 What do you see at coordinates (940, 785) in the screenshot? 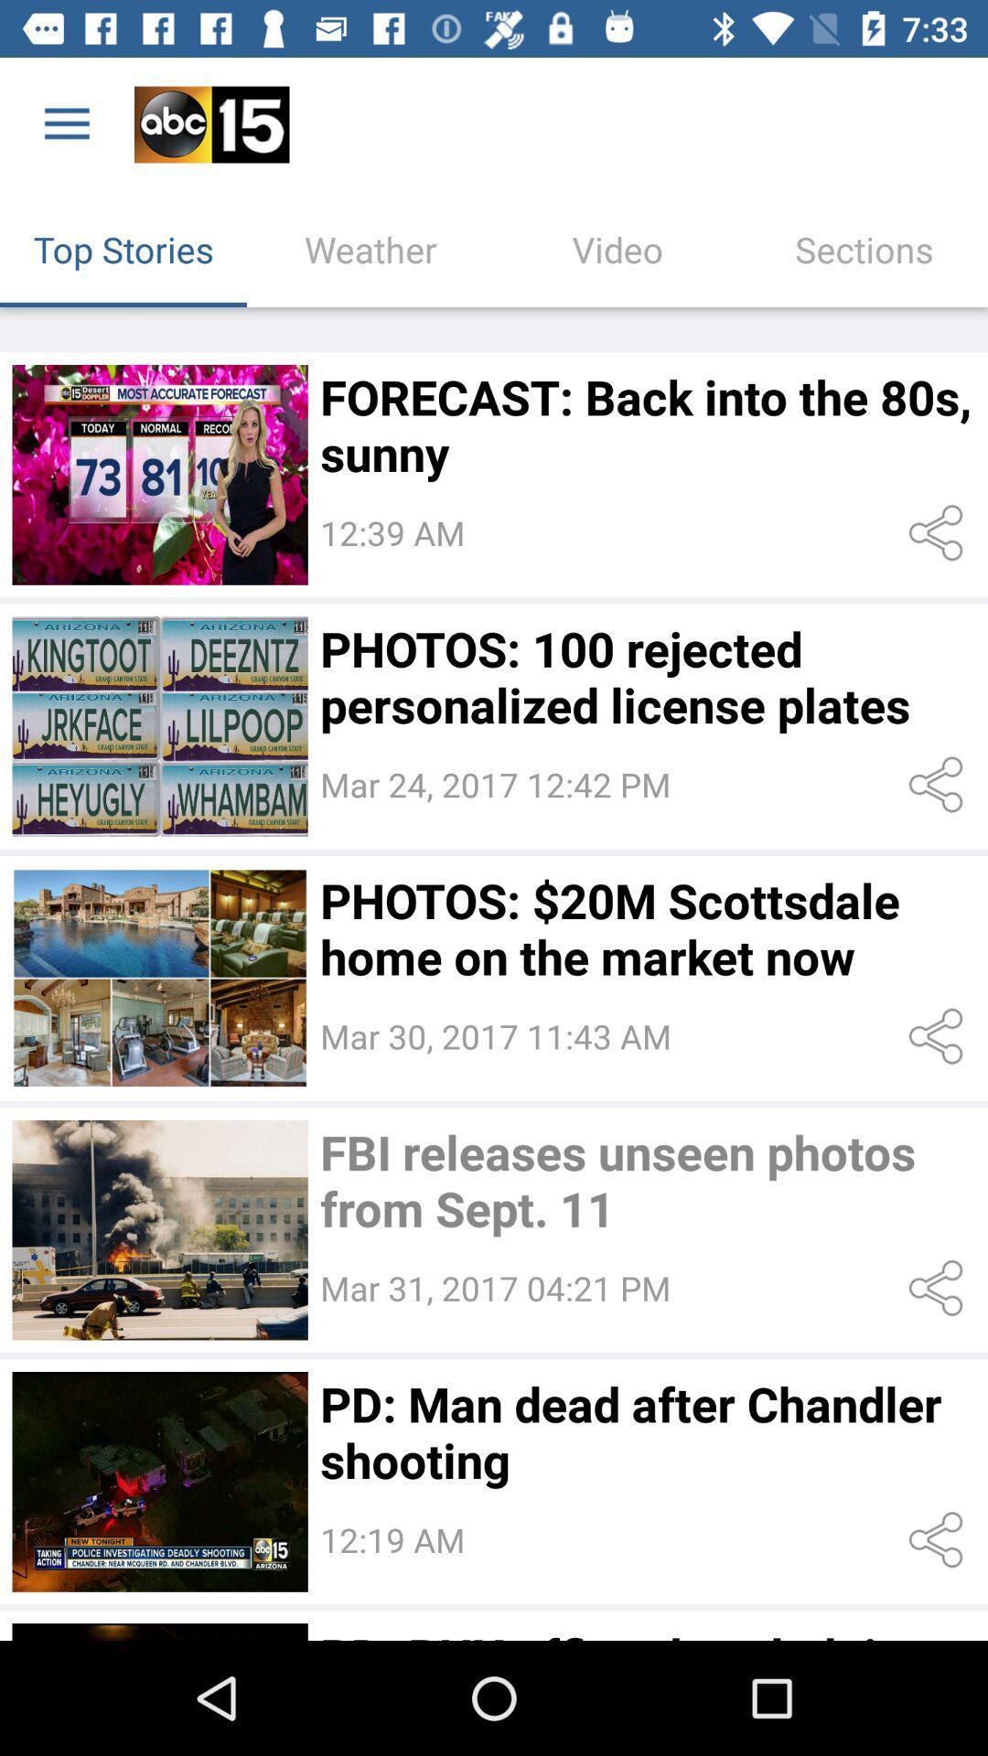
I see `share the article` at bounding box center [940, 785].